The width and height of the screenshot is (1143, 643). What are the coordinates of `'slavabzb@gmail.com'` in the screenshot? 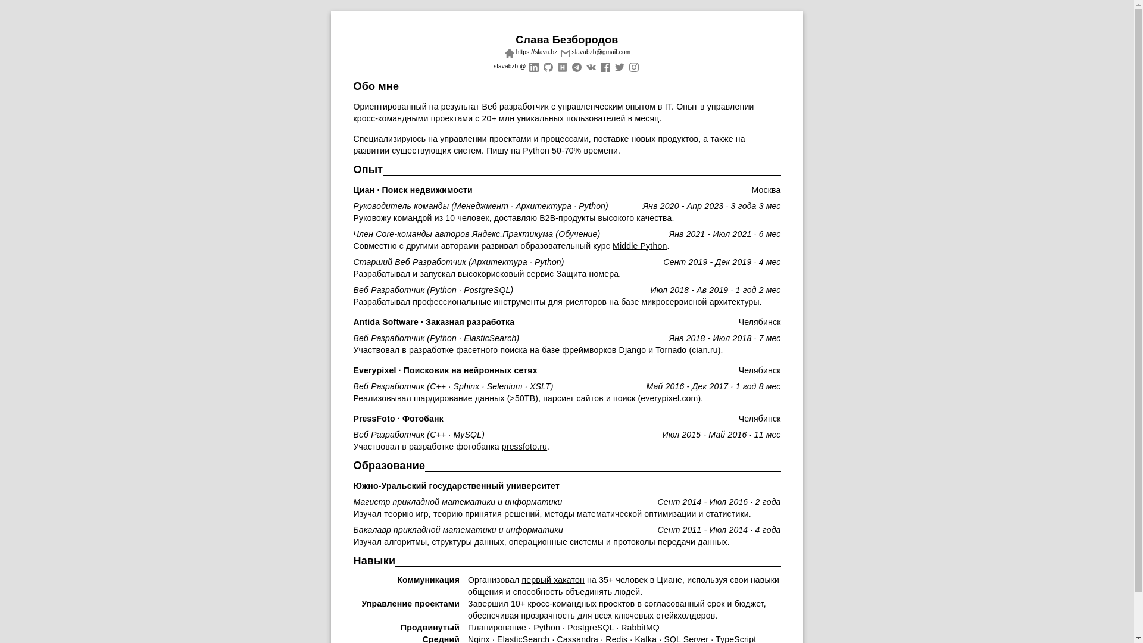 It's located at (594, 51).